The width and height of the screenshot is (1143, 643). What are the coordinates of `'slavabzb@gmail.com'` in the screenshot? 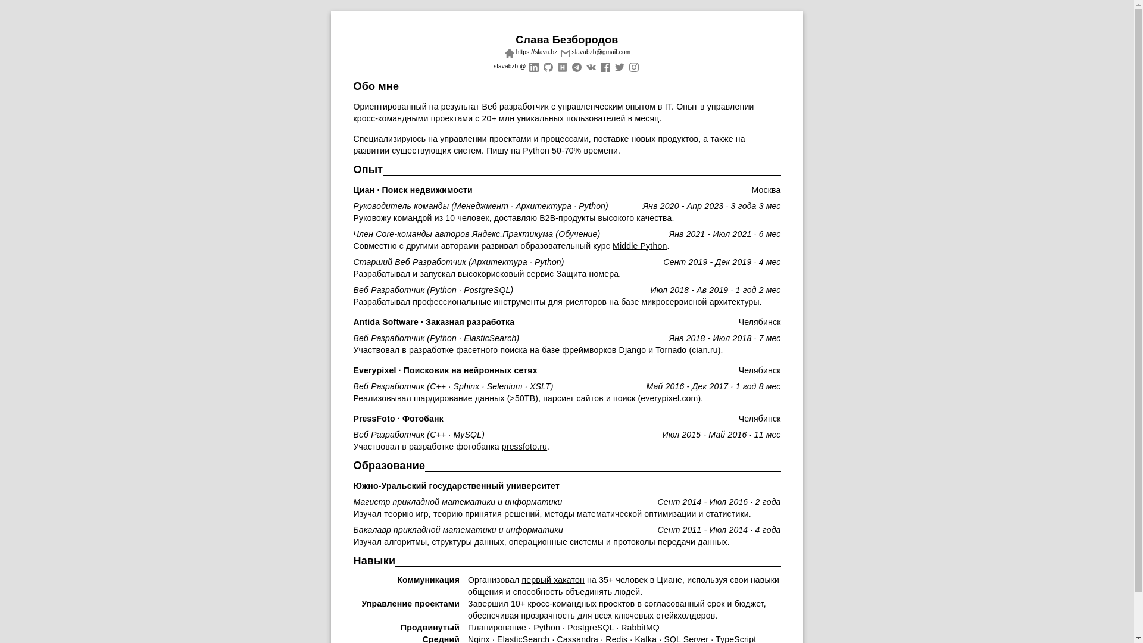 It's located at (594, 51).